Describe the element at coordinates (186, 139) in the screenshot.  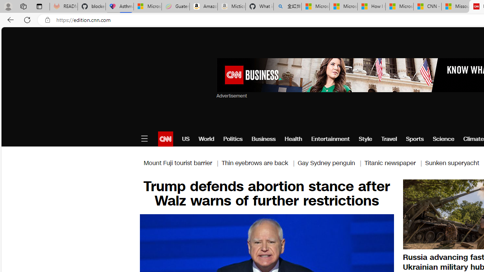
I see `'US'` at that location.